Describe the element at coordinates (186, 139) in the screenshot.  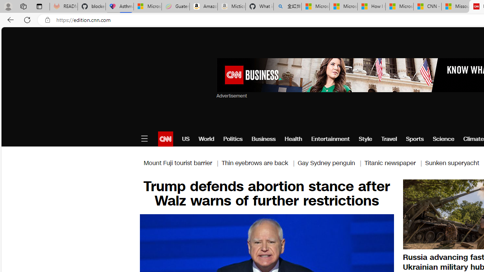
I see `'US'` at that location.